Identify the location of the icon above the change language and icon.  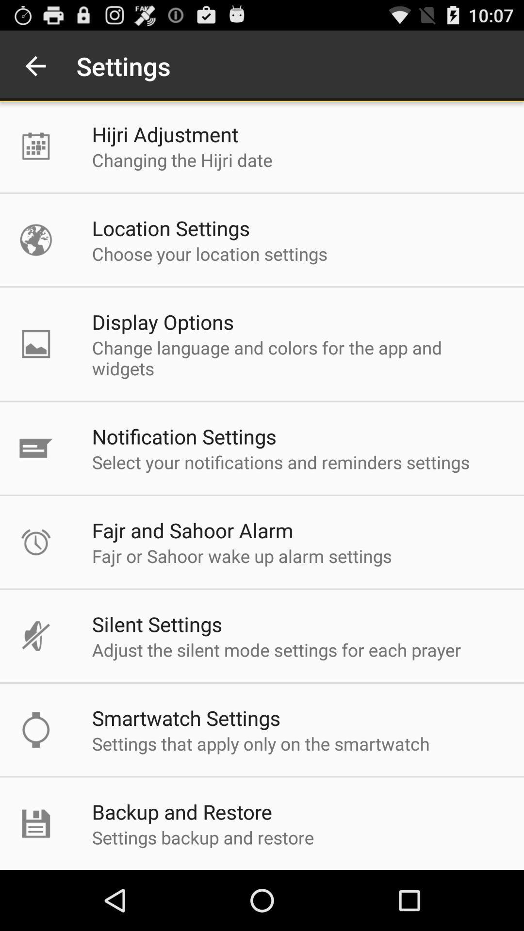
(162, 321).